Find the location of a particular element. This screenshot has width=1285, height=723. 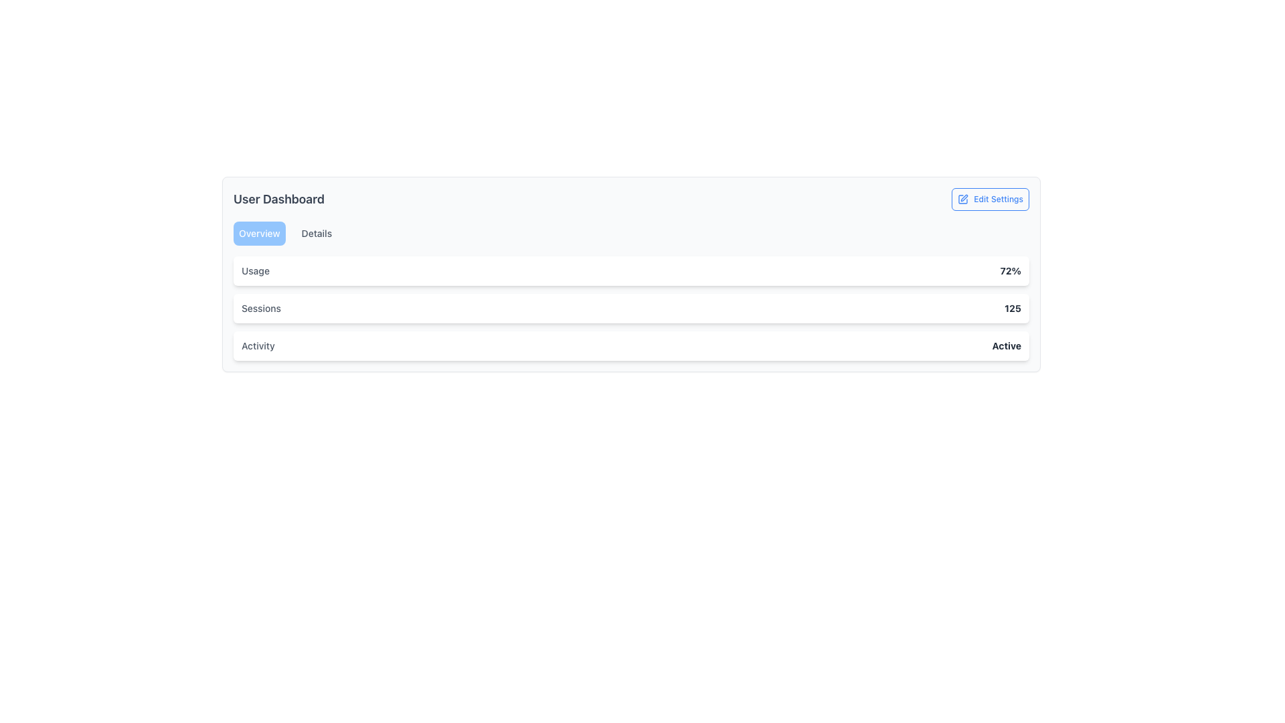

the second button in the dashboard section to observe the hover effect is located at coordinates (316, 232).